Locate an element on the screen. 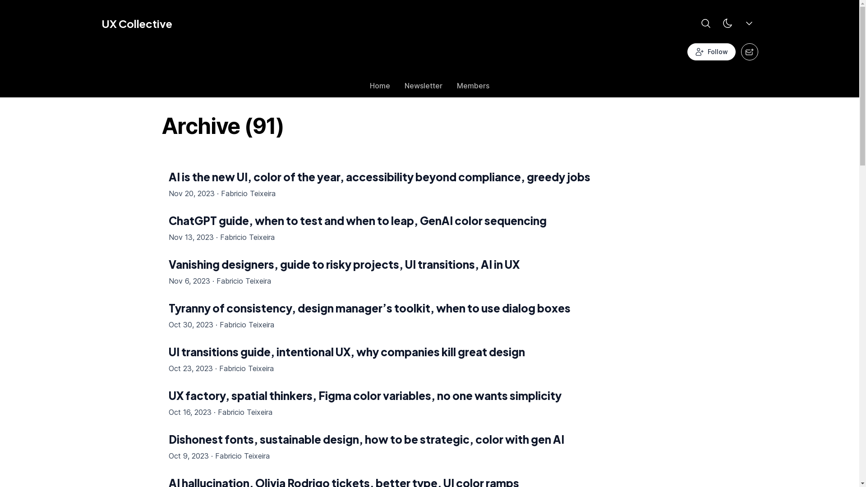 The height and width of the screenshot is (487, 866). 'Home' is located at coordinates (363, 88).